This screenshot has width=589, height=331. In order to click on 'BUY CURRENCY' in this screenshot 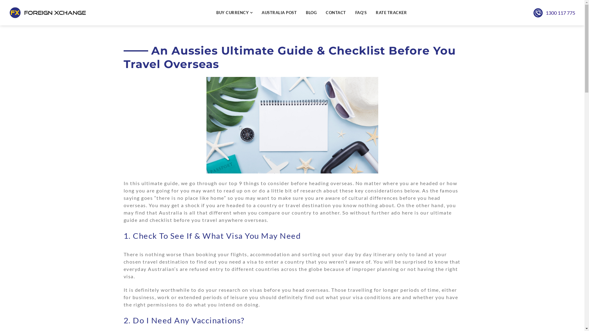, I will do `click(234, 13)`.